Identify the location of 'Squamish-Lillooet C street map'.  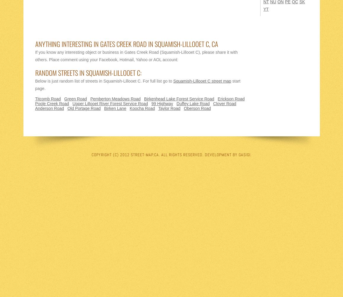
(202, 81).